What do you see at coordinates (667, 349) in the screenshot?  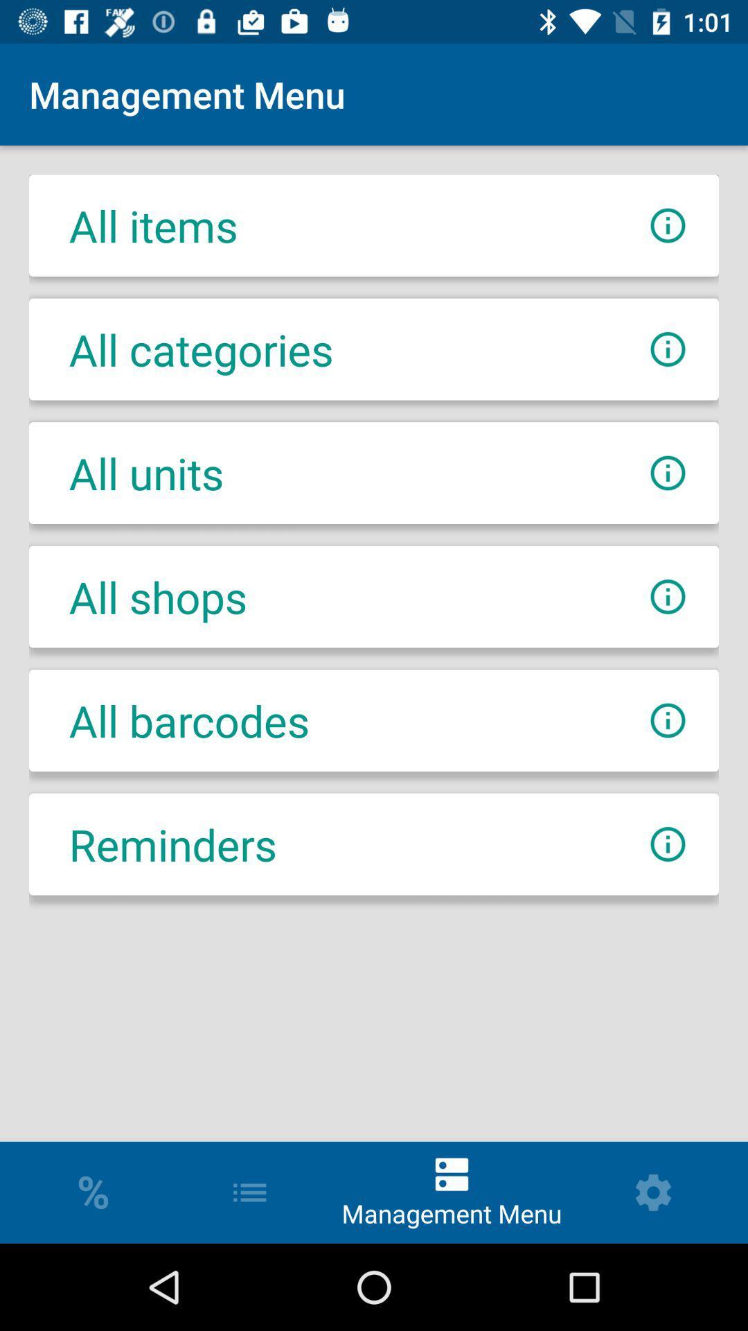 I see `get information about categories` at bounding box center [667, 349].